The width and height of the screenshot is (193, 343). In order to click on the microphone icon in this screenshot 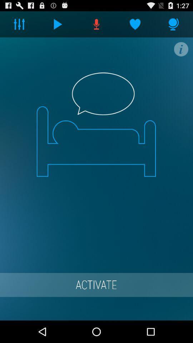, I will do `click(173, 26)`.